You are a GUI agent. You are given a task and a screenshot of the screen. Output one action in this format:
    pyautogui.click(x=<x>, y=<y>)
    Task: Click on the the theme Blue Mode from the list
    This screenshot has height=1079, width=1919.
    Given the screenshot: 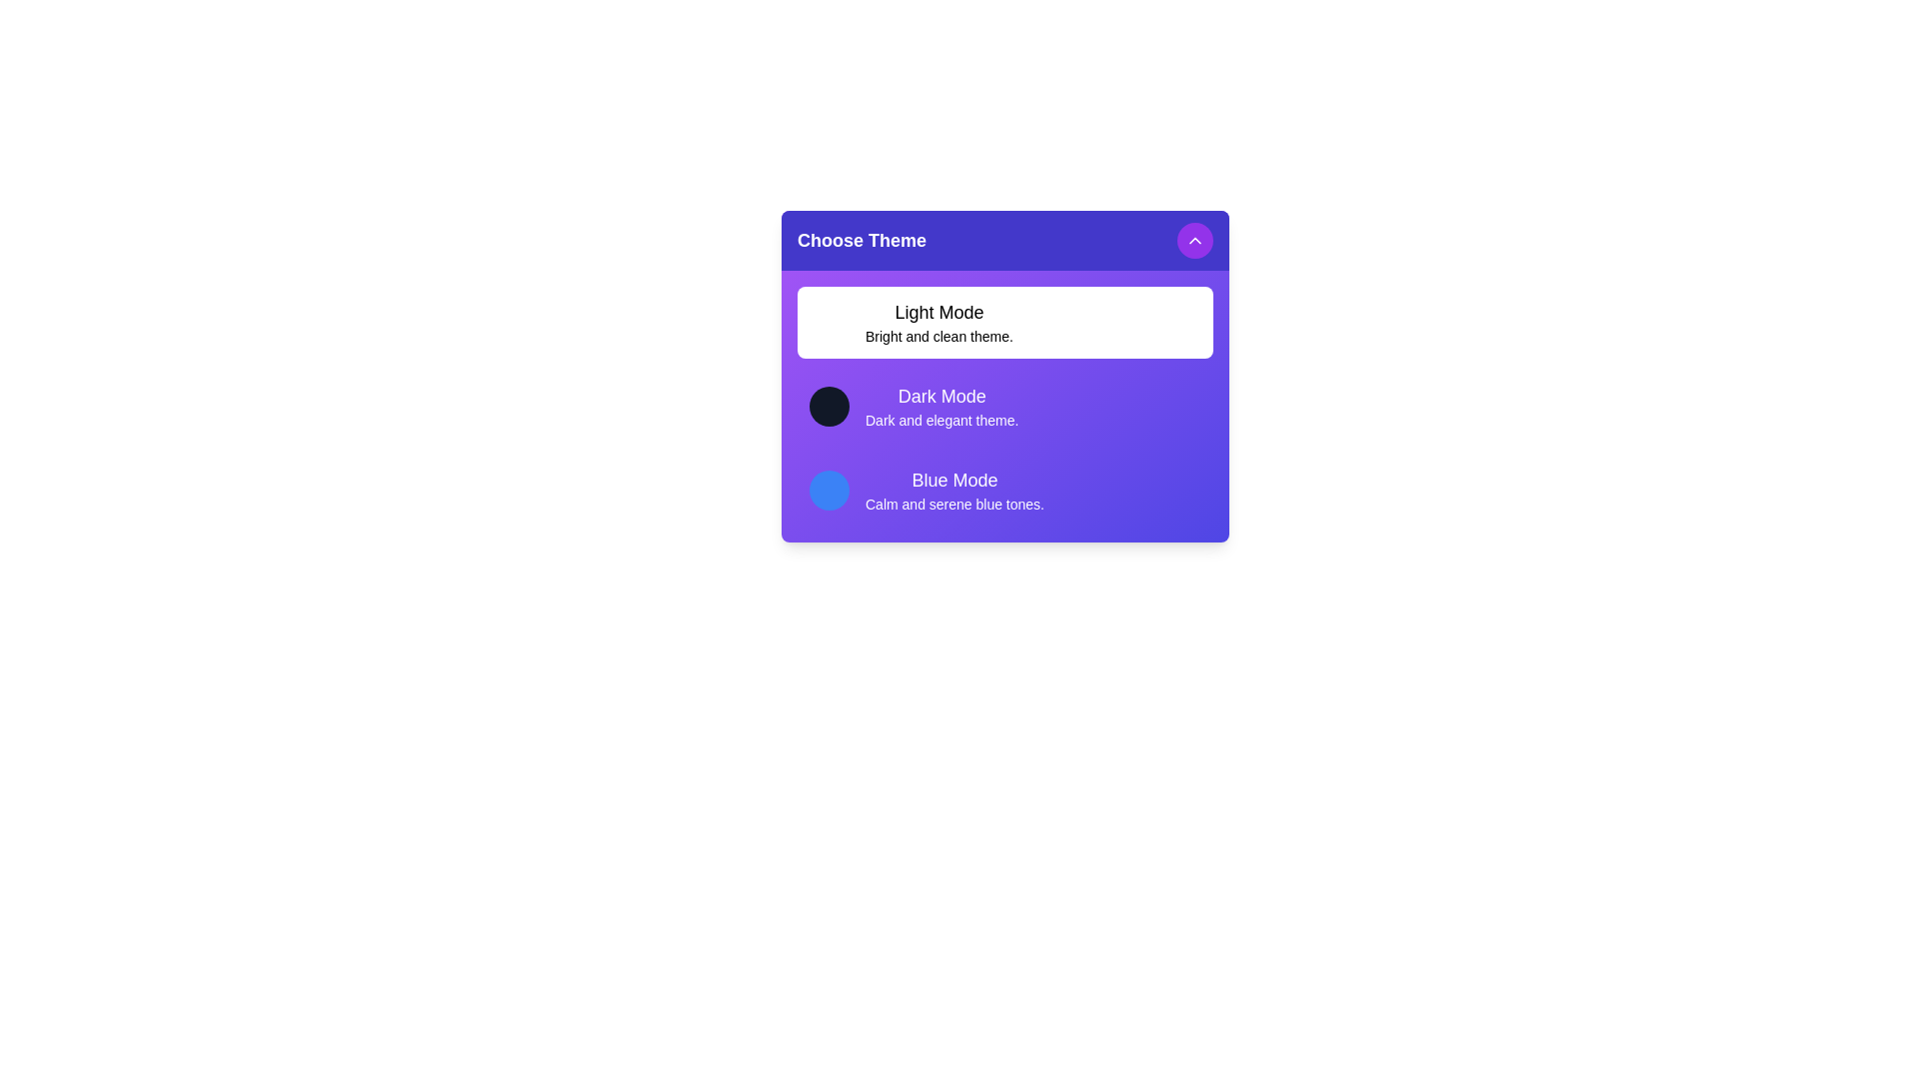 What is the action you would take?
    pyautogui.click(x=1005, y=490)
    